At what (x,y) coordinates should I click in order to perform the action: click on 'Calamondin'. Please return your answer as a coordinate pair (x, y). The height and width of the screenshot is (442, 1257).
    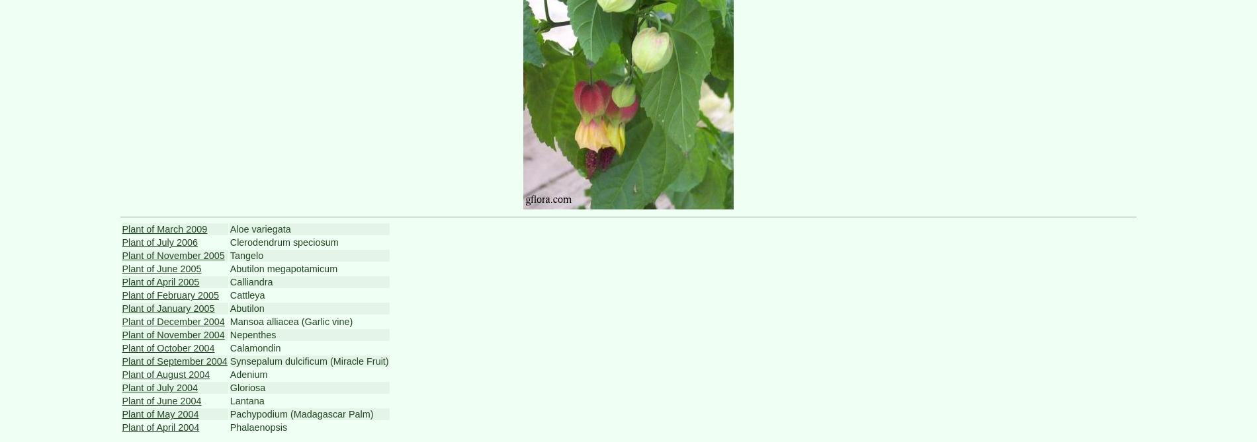
    Looking at the image, I should click on (254, 348).